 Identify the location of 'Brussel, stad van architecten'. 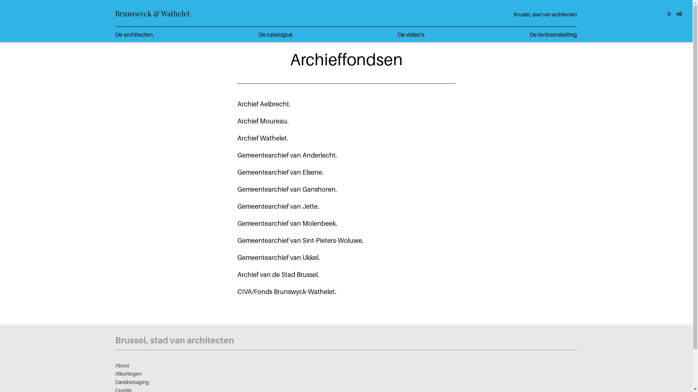
(545, 14).